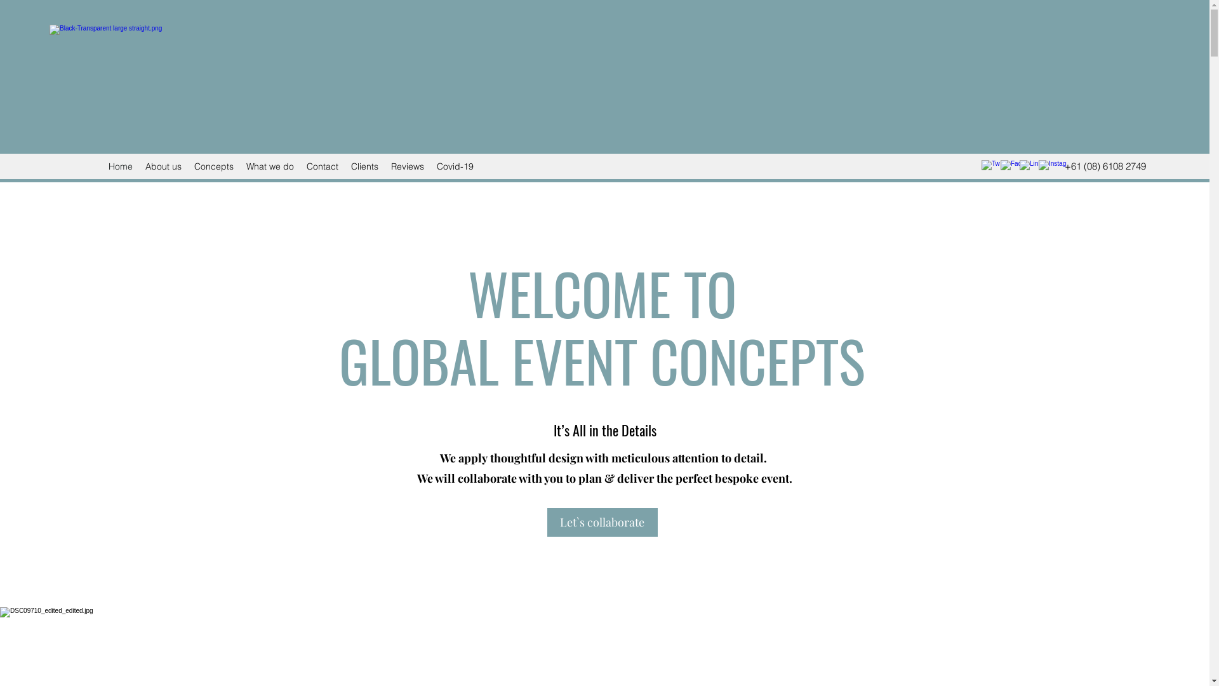  Describe the element at coordinates (602, 522) in the screenshot. I see `'Let`s collaborate'` at that location.